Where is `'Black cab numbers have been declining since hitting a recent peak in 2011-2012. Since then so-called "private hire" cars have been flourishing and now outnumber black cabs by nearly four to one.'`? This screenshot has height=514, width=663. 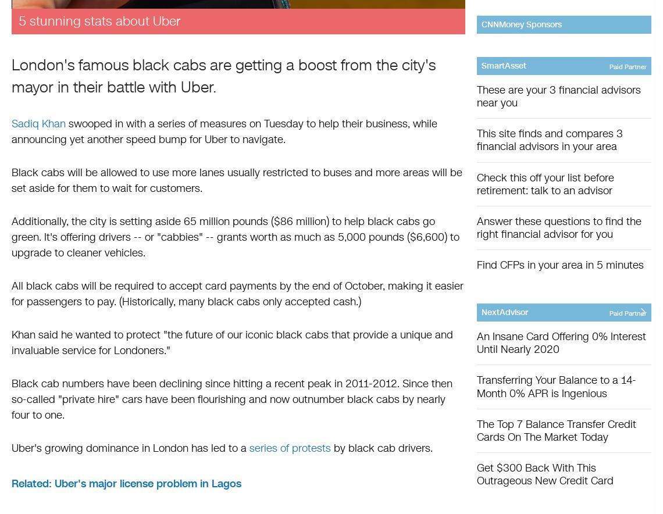
'Black cab numbers have been declining since hitting a recent peak in 2011-2012. Since then so-called "private hire" cars have been flourishing and now outnumber black cabs by nearly four to one.' is located at coordinates (11, 399).